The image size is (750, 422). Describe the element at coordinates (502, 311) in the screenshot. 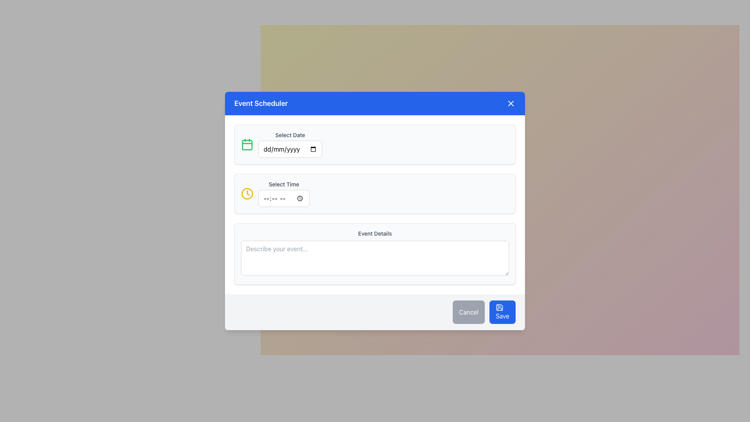

I see `the 'Save' button located at the bottom-right corner of the event scheduler dialog` at that location.